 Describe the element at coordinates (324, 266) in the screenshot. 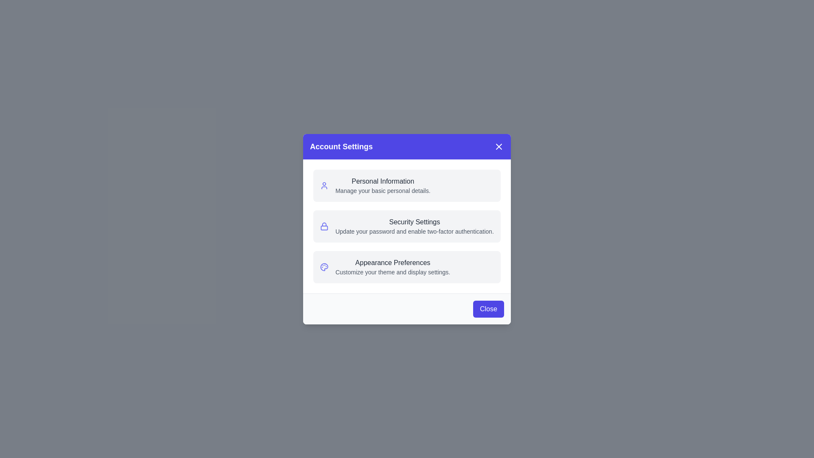

I see `the 'Appearance Preferences' icon, which visually represents the theme and display settings, located to the far left within the 'Appearance Preferences' section of the modal dialog` at that location.